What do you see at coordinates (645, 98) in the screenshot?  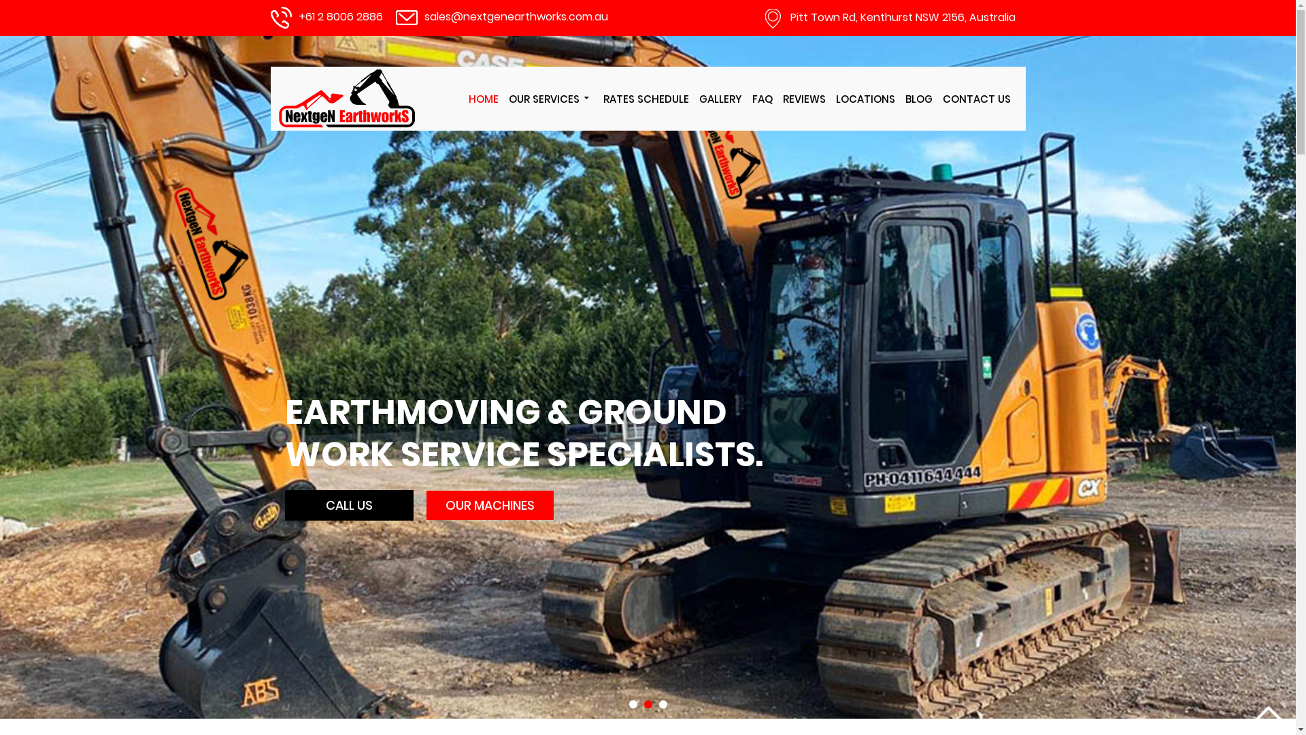 I see `'RATES SCHEDULE'` at bounding box center [645, 98].